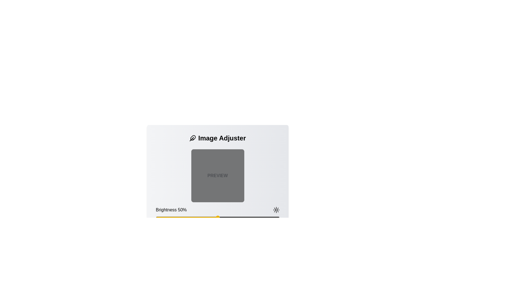  I want to click on the sun icon in the brightness adjustment section, so click(276, 210).